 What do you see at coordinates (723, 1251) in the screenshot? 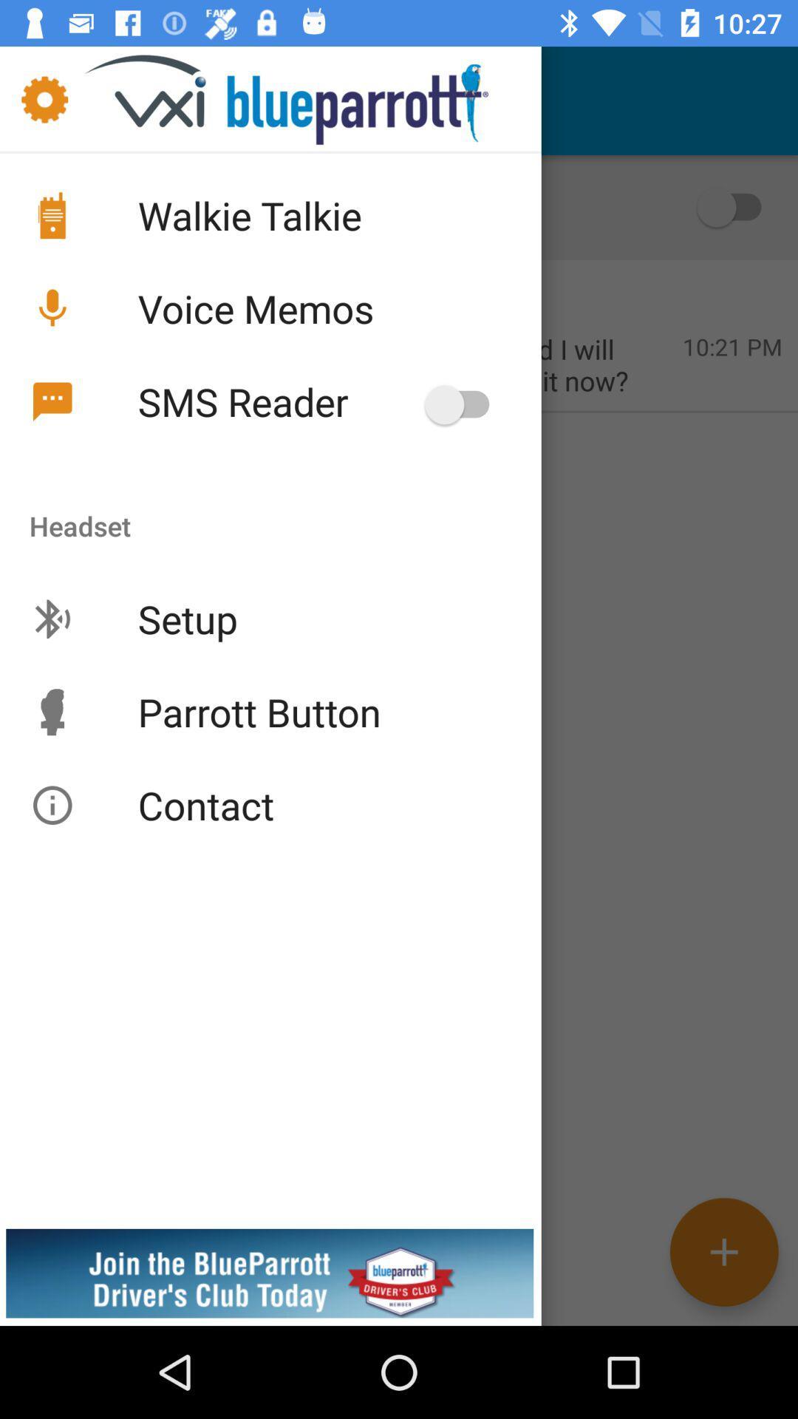
I see `the add icon` at bounding box center [723, 1251].